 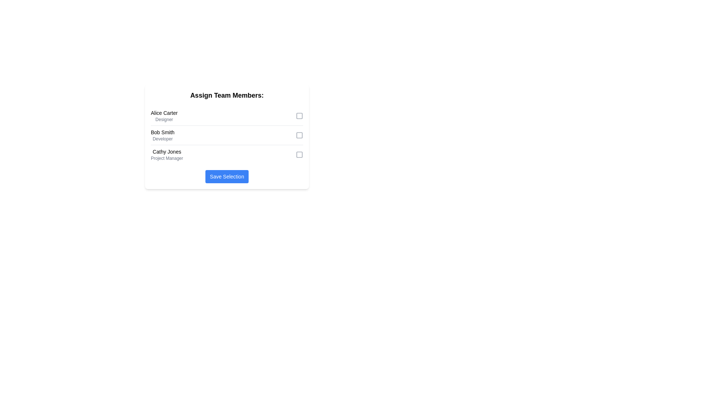 What do you see at coordinates (162, 139) in the screenshot?
I see `the text label displaying 'Developer' in a small, gray font, which is positioned below 'Bob Smith' in the 'Assign Team Members' section` at bounding box center [162, 139].